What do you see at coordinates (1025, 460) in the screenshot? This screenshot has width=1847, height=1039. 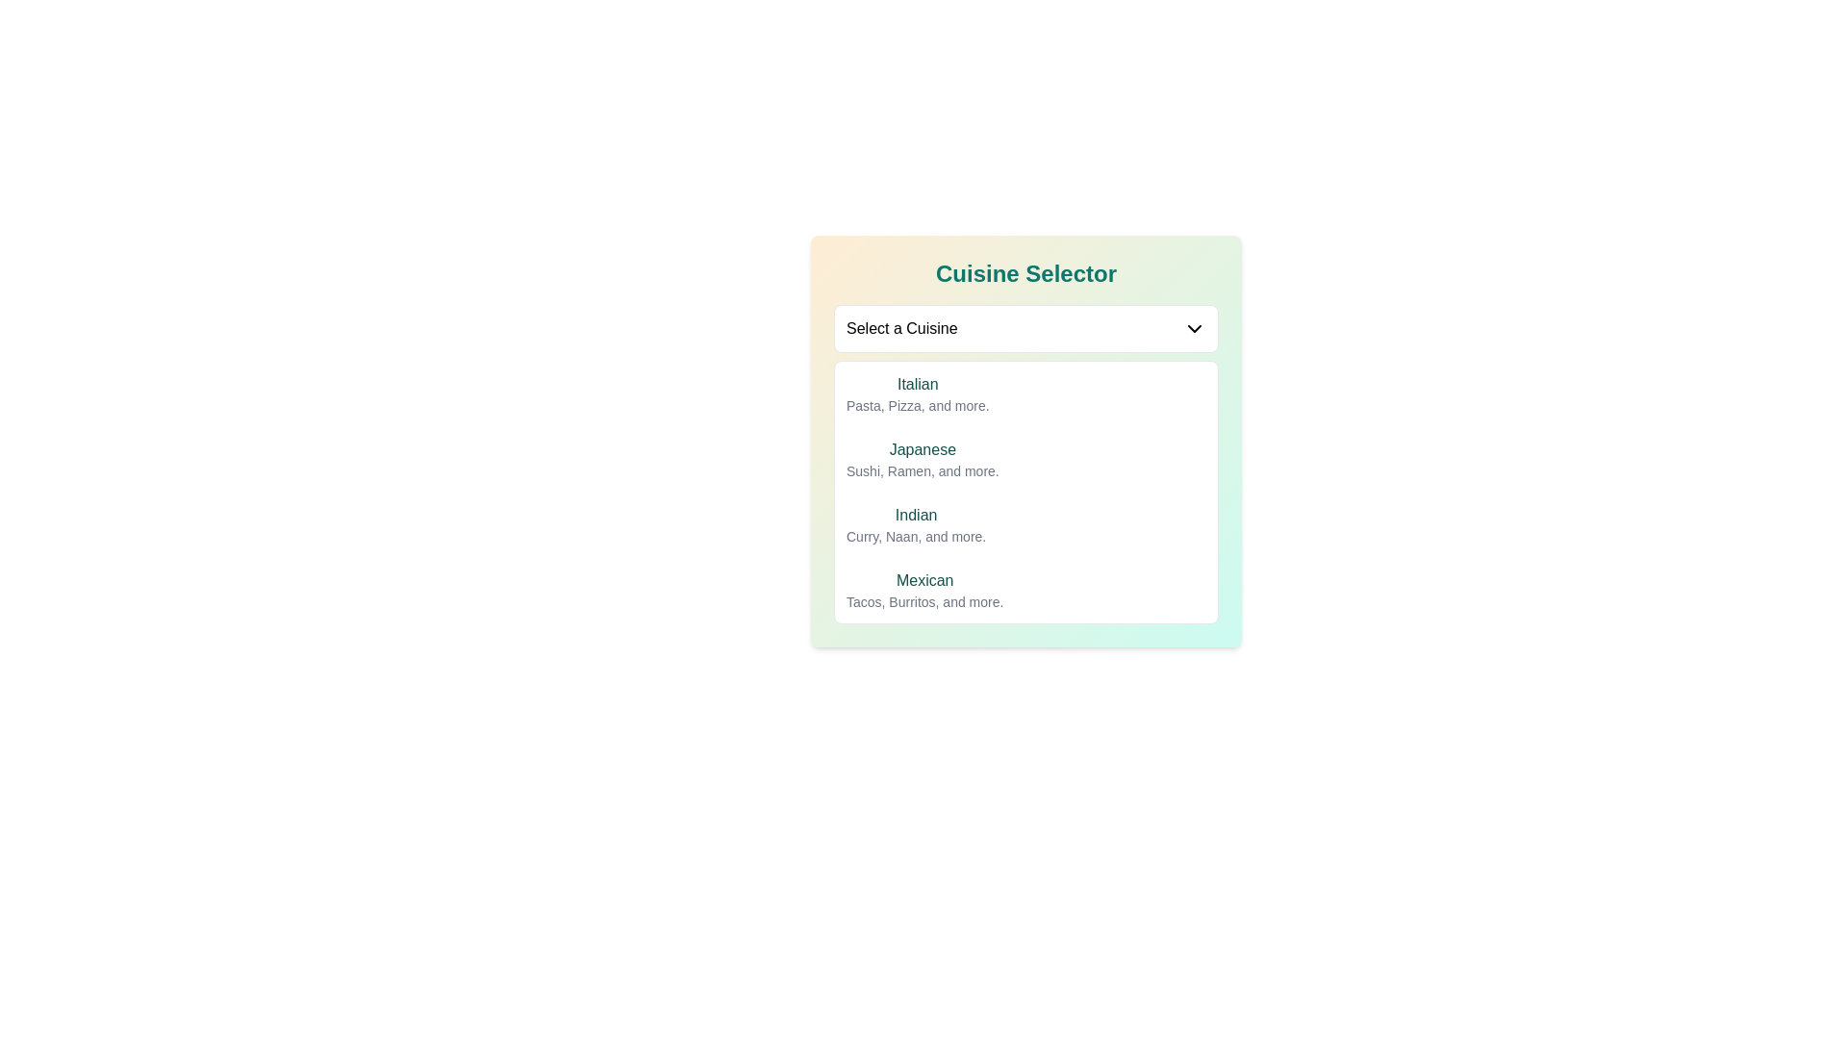 I see `the second entry in the 'Cuisine Selector' dropdown menu` at bounding box center [1025, 460].